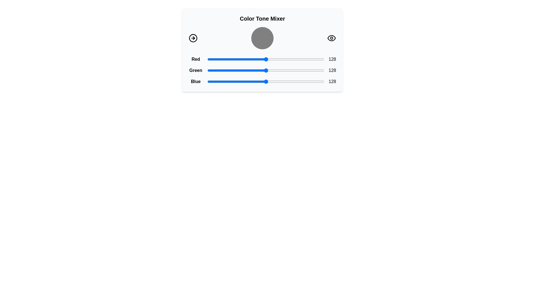  What do you see at coordinates (273, 70) in the screenshot?
I see `green color intensity` at bounding box center [273, 70].